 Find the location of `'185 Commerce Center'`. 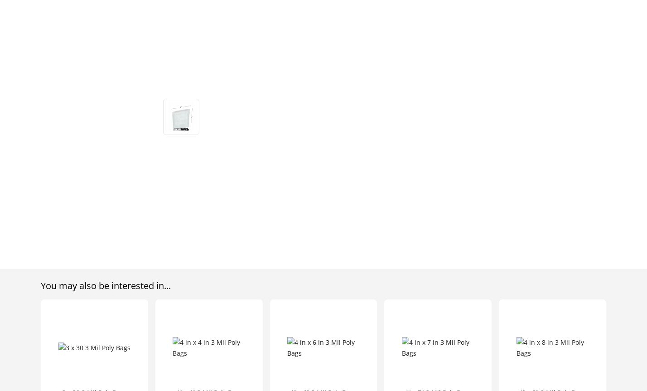

'185 Commerce Center' is located at coordinates (43, 13).